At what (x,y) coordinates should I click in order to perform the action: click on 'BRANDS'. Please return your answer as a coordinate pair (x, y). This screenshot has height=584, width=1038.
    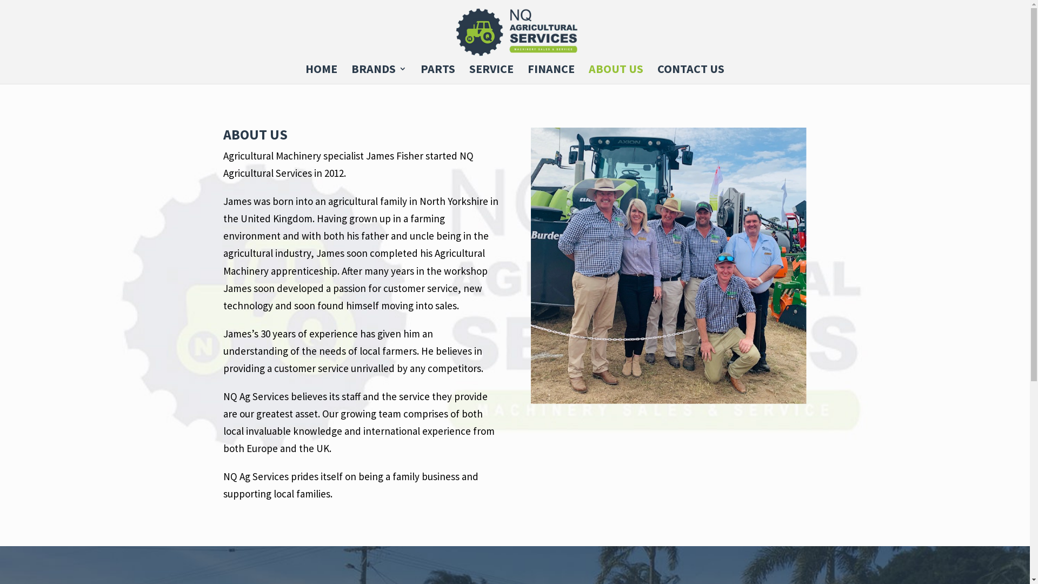
    Looking at the image, I should click on (378, 74).